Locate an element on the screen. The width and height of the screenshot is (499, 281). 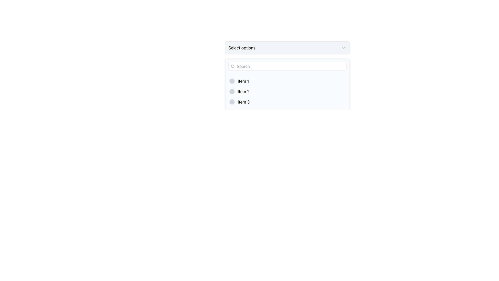
the selectable indicator (radio button) for 'Item 1' is located at coordinates (232, 81).